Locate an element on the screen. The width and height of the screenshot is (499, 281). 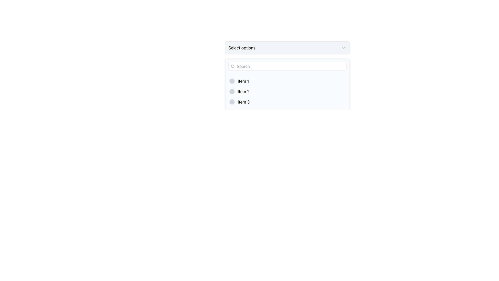
the selectable indicator (radio button) for 'Item 1' is located at coordinates (232, 81).